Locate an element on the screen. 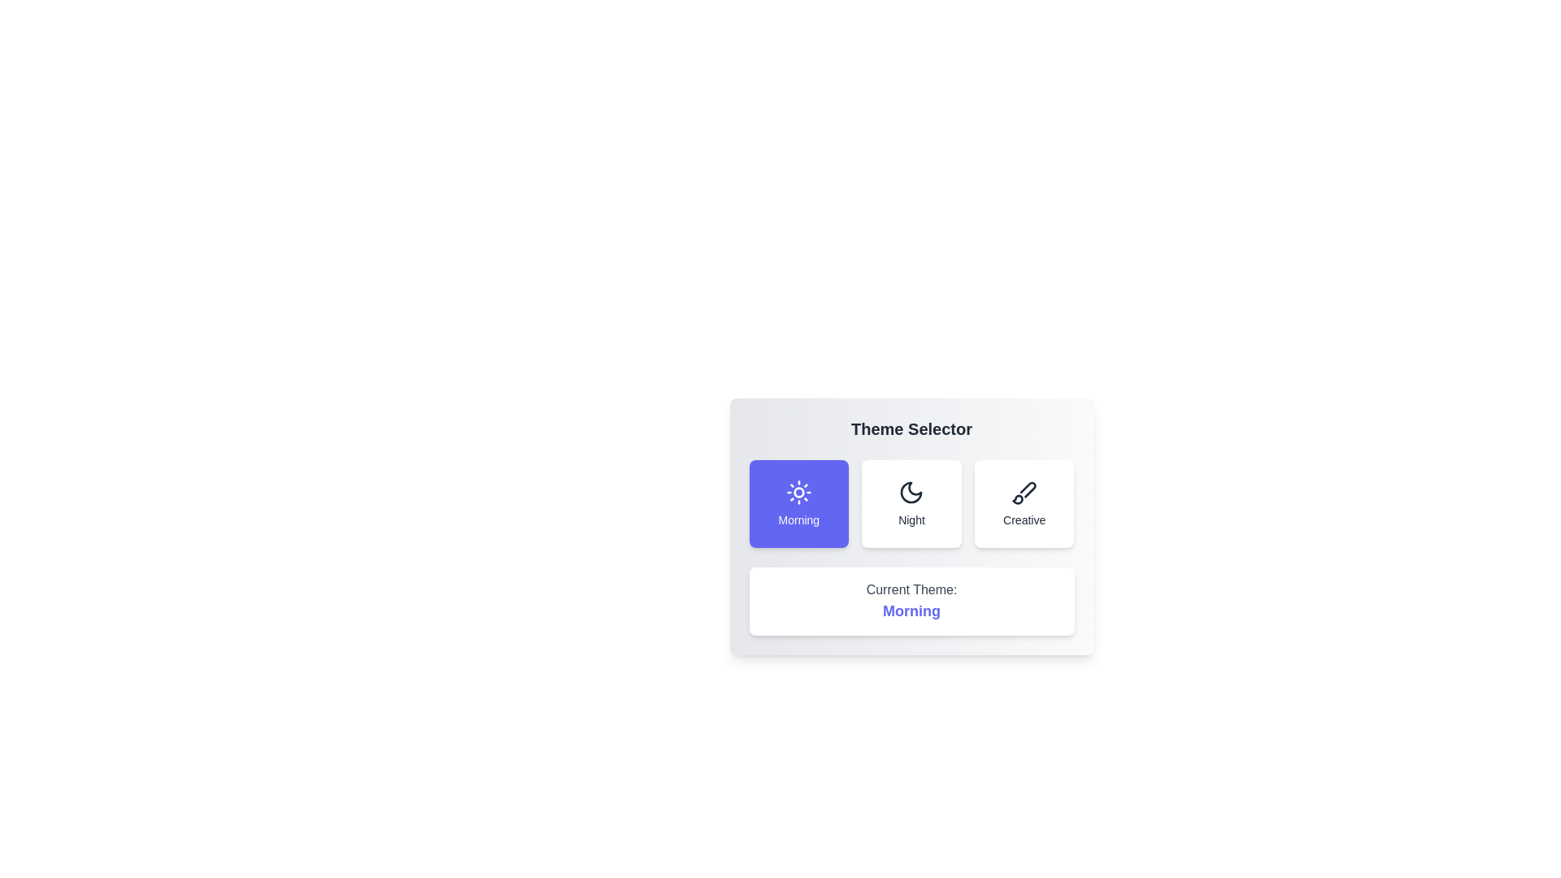  the theme Night by clicking on its button is located at coordinates (911, 503).